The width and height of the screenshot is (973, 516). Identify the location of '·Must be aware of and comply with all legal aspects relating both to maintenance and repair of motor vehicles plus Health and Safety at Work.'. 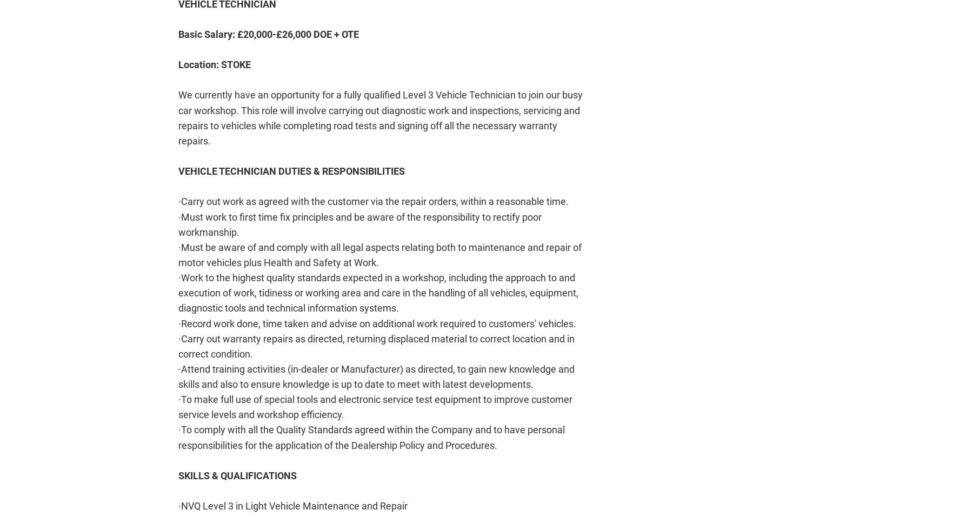
(379, 254).